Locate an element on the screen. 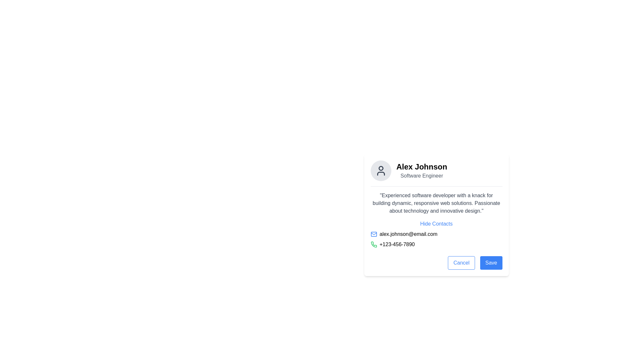 This screenshot has height=348, width=620. the 'Save' button located at the bottom-right of the form to observe its hover state effect is located at coordinates (491, 263).